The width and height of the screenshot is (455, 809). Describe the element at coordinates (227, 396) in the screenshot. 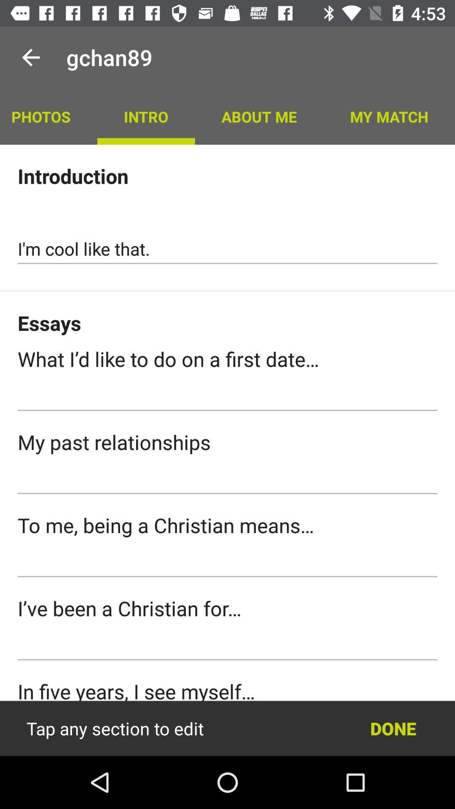

I see `click the tab` at that location.